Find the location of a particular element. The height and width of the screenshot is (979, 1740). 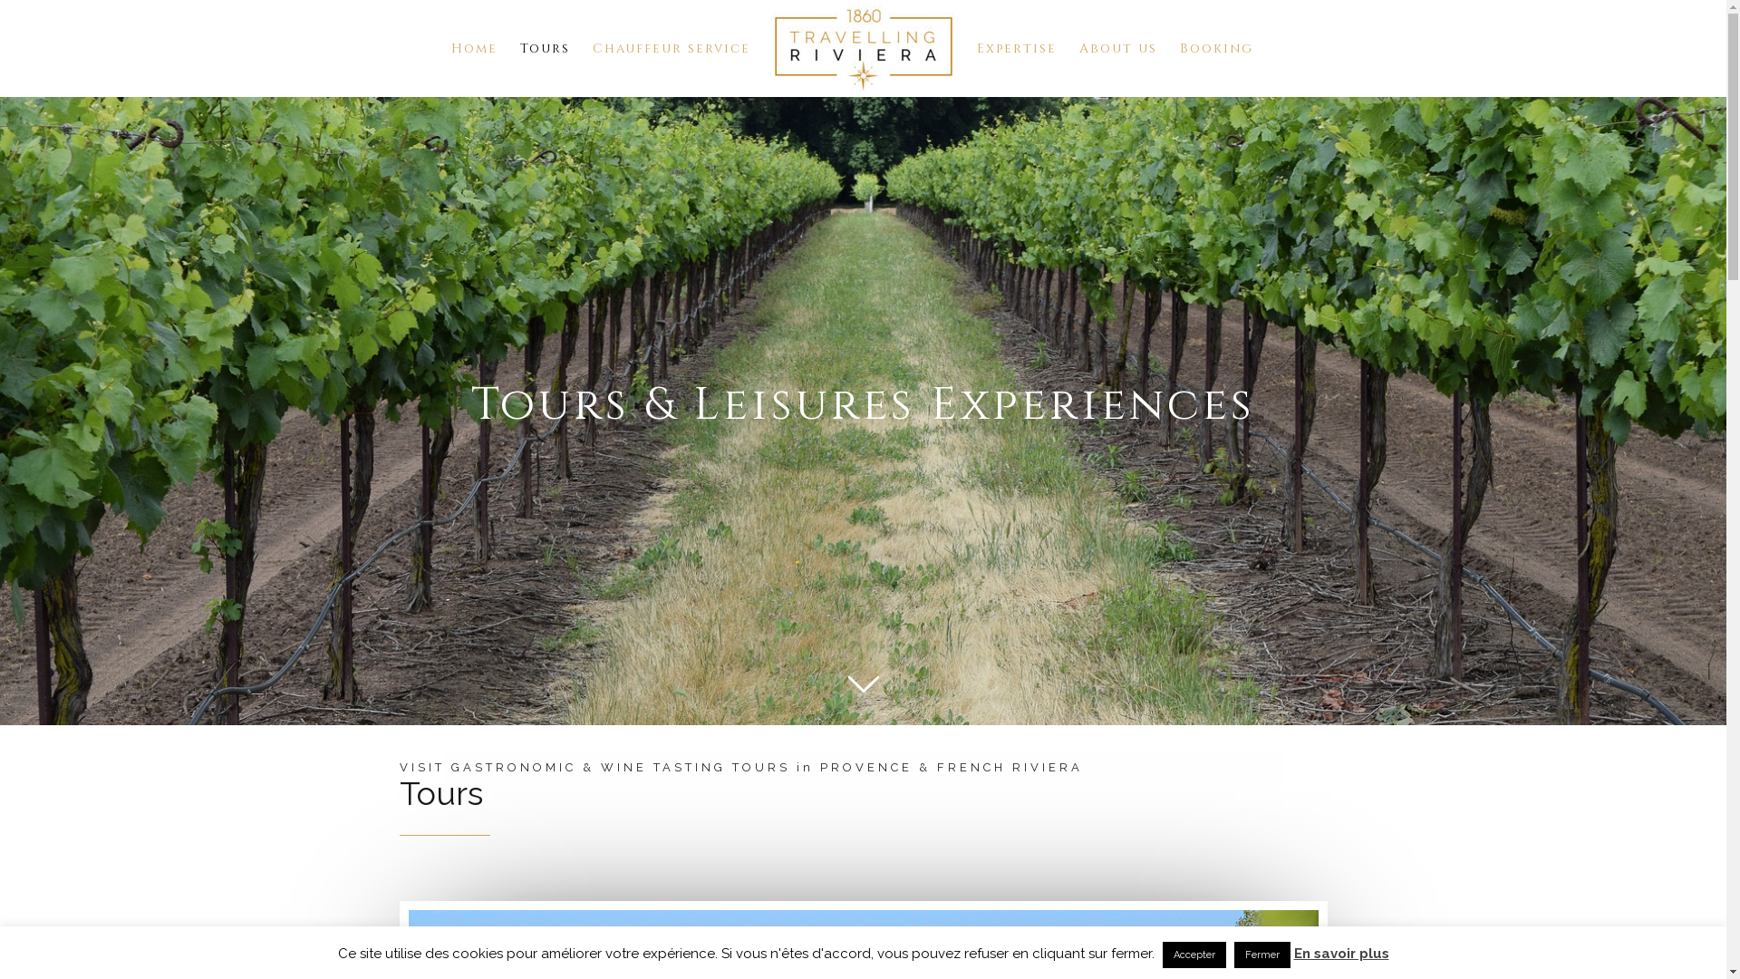

'Accepter' is located at coordinates (1193, 954).